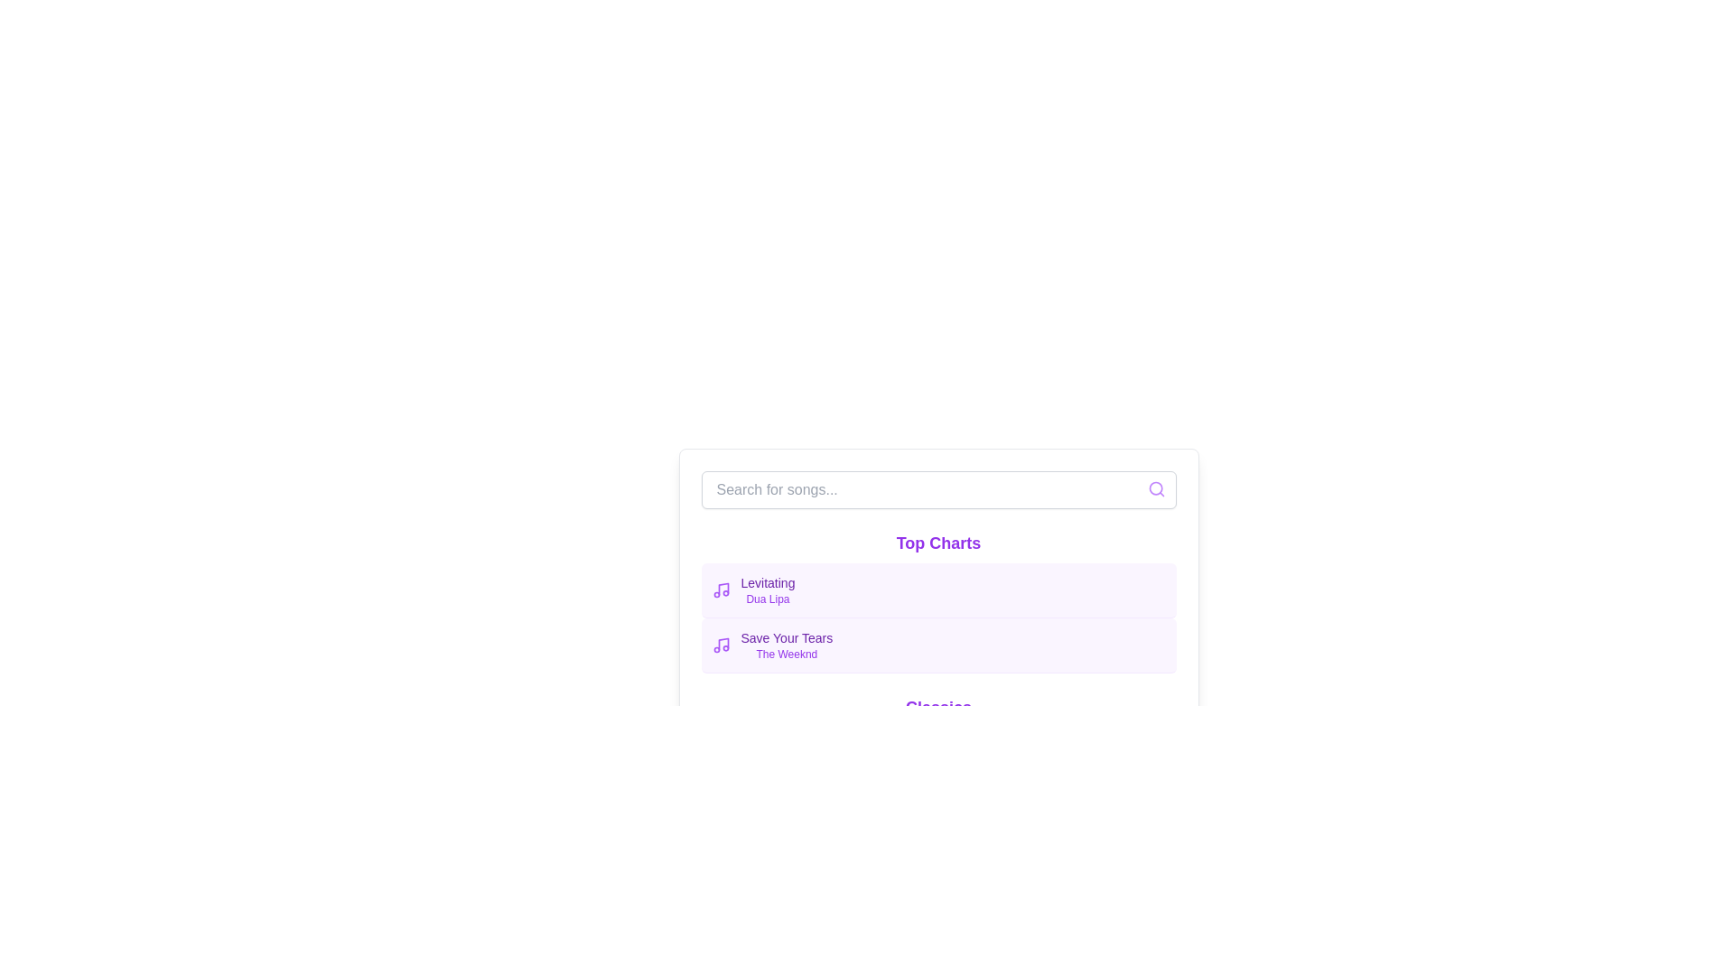 The height and width of the screenshot is (975, 1734). Describe the element at coordinates (1154, 488) in the screenshot. I see `the circular lens icon of the magnifying glass, which is part of the search bar's graphical interface` at that location.